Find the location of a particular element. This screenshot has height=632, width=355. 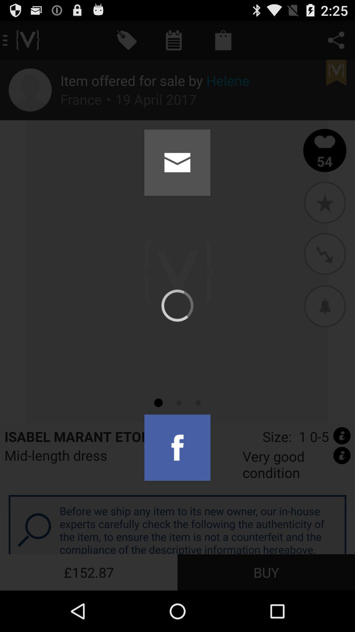

the buy icon is located at coordinates (266, 572).